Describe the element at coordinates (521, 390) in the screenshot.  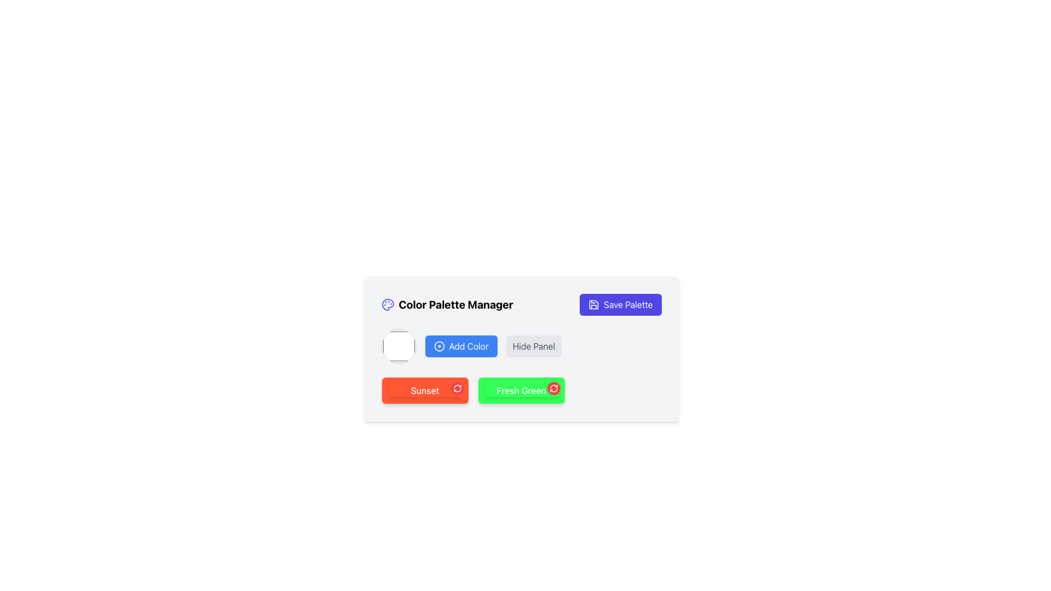
I see `the 'Fresh Green' button, which is the second button in a three-column grid of color-themed buttons, located next to the 'Sunset' button` at that location.